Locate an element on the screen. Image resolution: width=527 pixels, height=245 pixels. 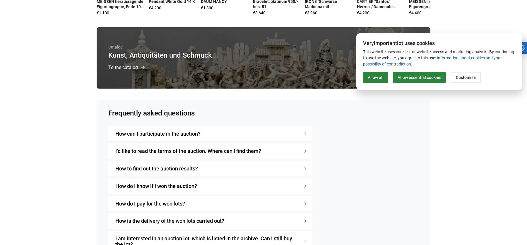
'Allow essential cookies' is located at coordinates (419, 77).